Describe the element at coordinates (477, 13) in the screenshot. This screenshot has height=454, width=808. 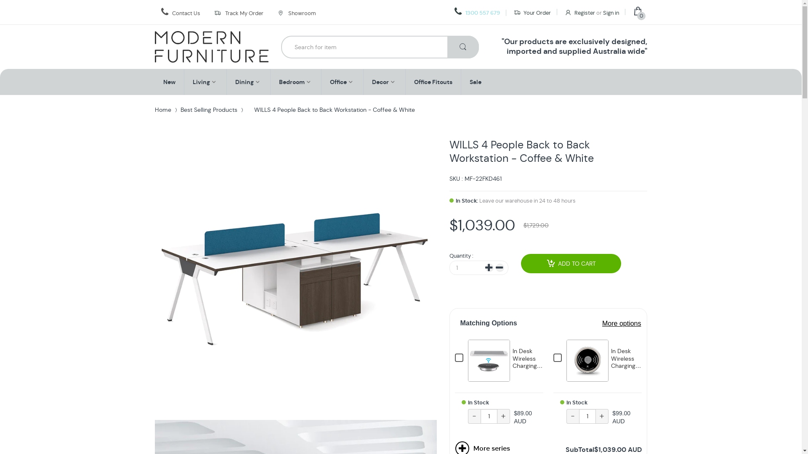
I see `'1300 557 679'` at that location.